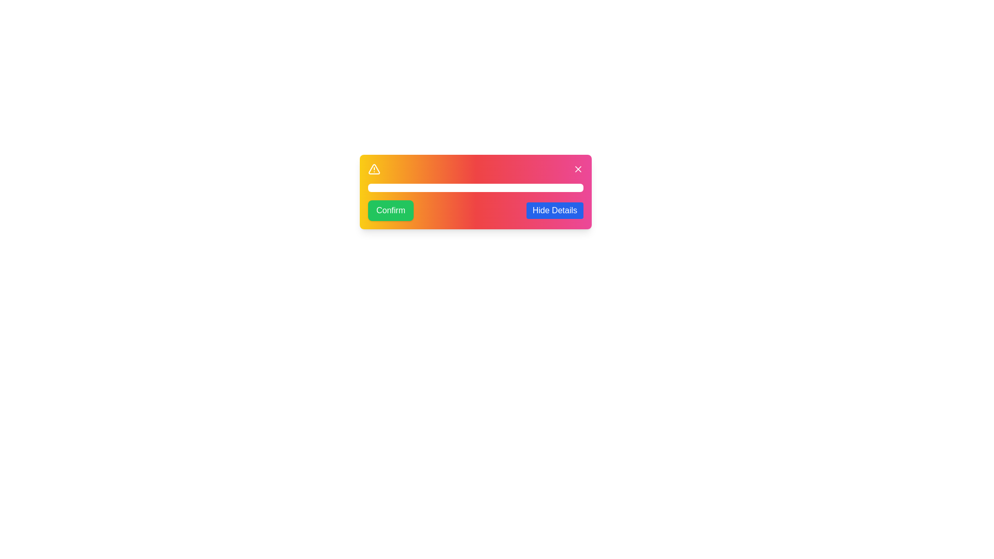 The height and width of the screenshot is (559, 994). Describe the element at coordinates (475, 187) in the screenshot. I see `the horizontal rectangular bar with a rounded design that has a white background and black text, positioned above the 'Confirm' and 'Hide Details' buttons` at that location.